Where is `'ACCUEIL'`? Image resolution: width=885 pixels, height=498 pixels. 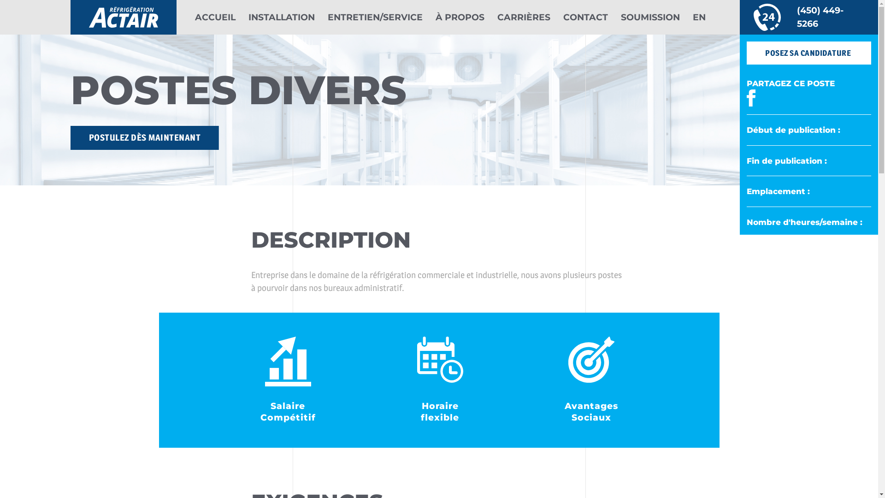 'ACCUEIL' is located at coordinates (194, 17).